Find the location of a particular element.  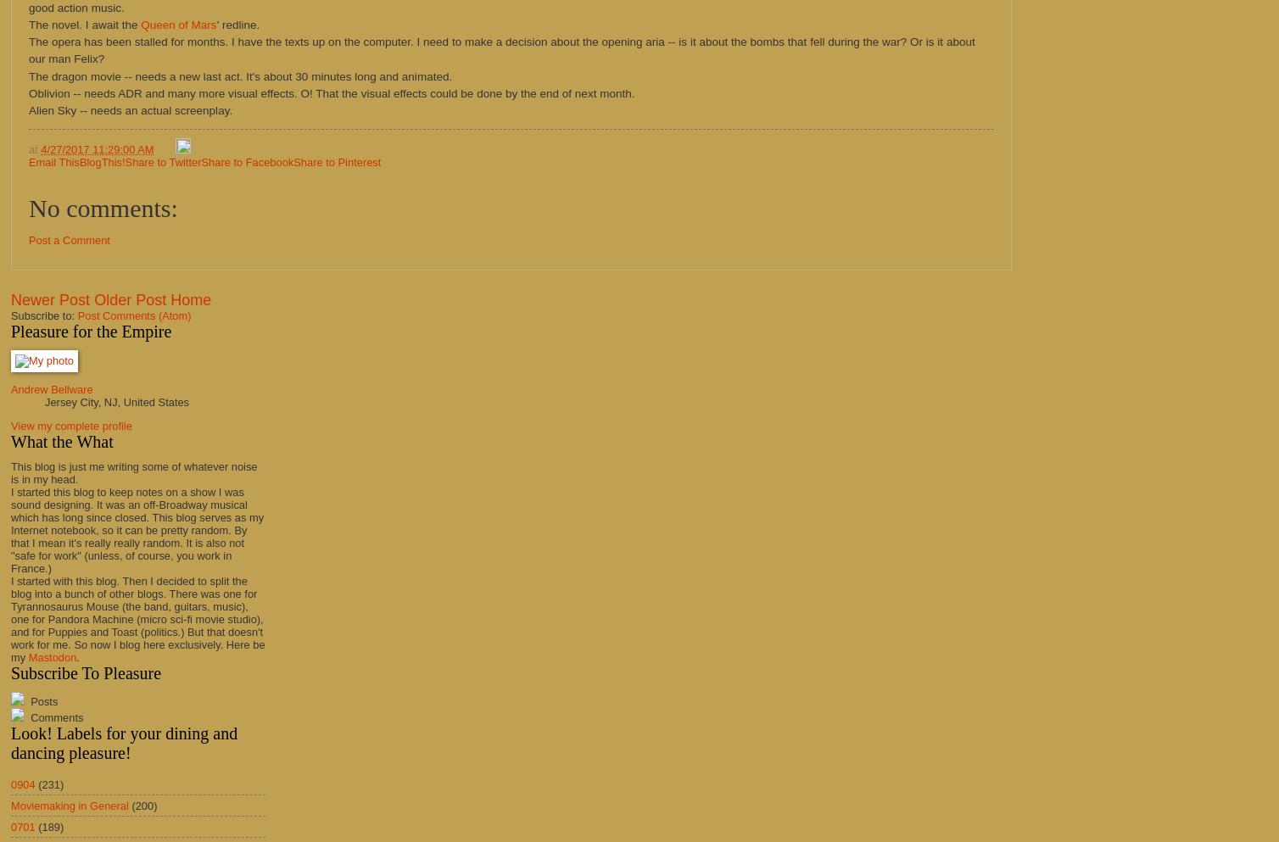

'This blog is just me writing some of whatever noise is in my head.' is located at coordinates (134, 471).